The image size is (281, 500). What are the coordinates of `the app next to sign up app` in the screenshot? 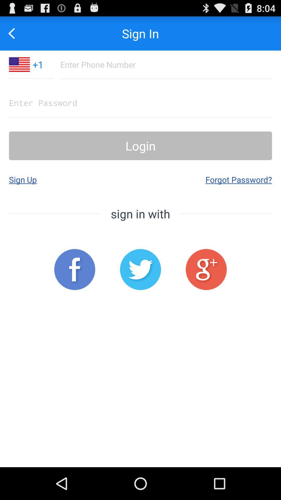 It's located at (239, 179).